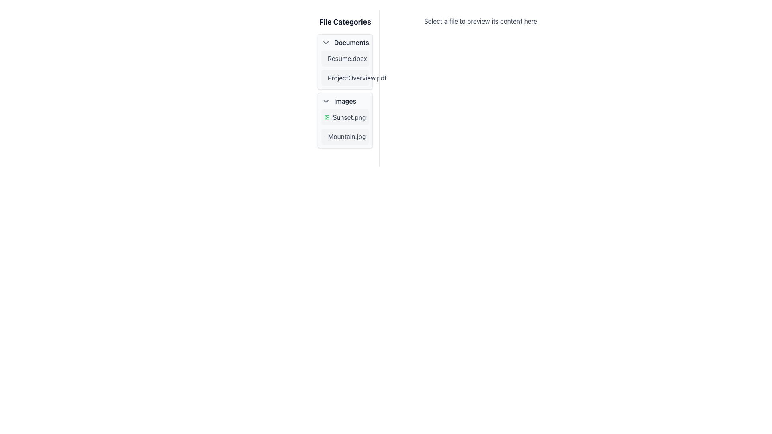  Describe the element at coordinates (349, 117) in the screenshot. I see `the text label reading 'Sunset.png' in the sidebar file explorer under the 'Images' category` at that location.